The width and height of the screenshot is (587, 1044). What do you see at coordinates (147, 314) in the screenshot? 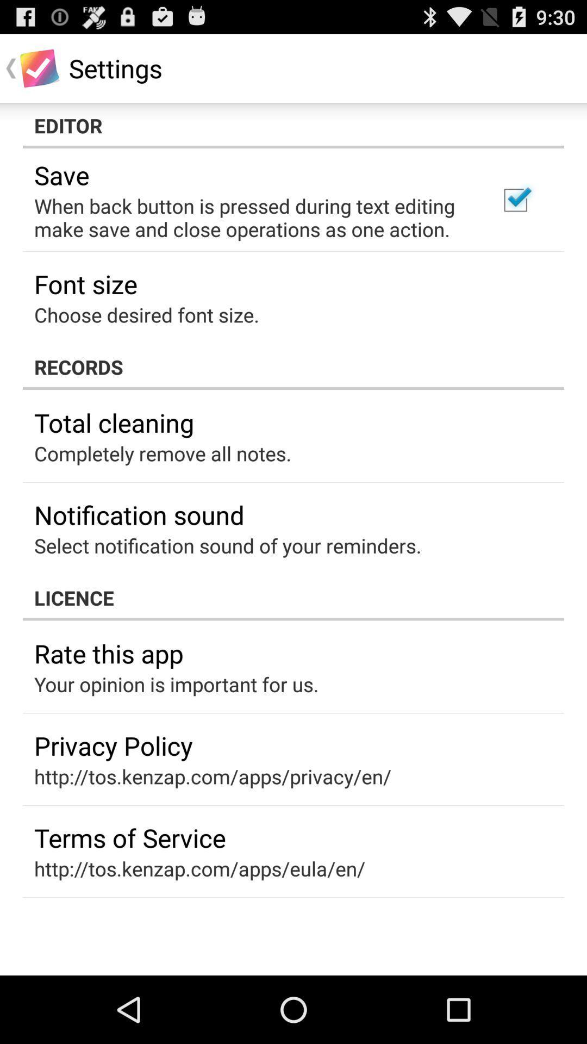
I see `the item above records app` at bounding box center [147, 314].